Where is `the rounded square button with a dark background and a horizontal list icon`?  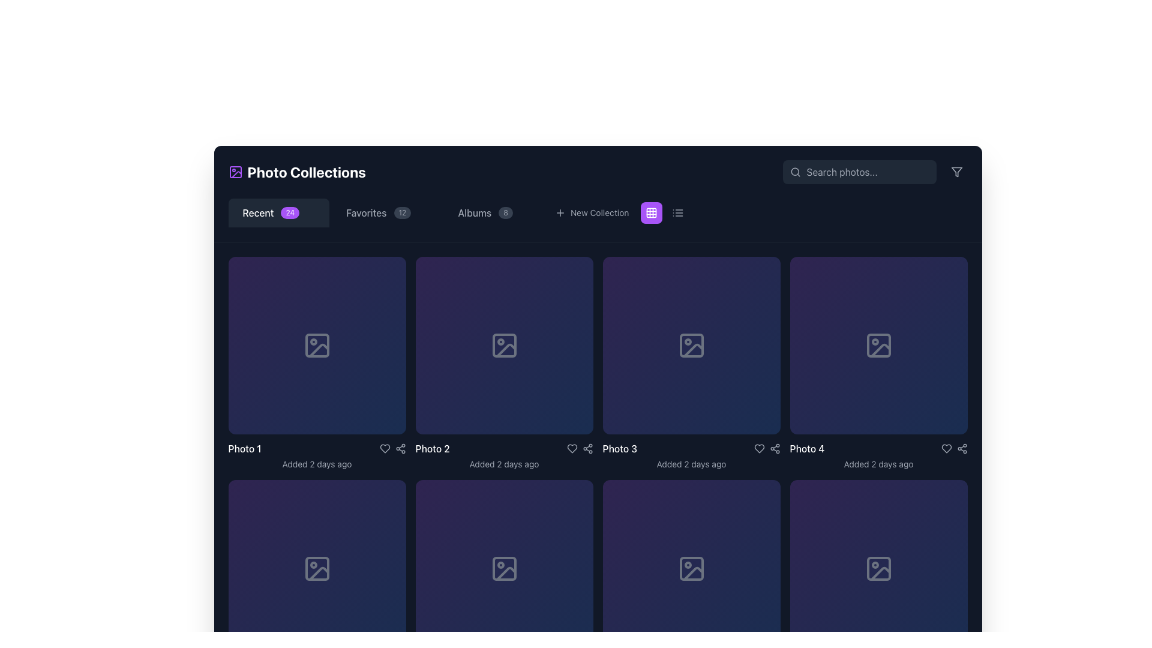
the rounded square button with a dark background and a horizontal list icon is located at coordinates (678, 212).